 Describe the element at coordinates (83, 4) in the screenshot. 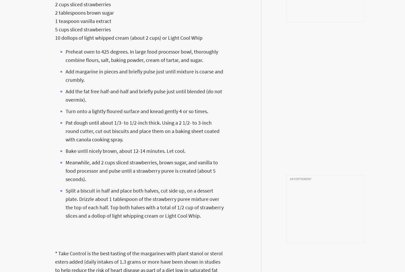

I see `'2 cups sliced strawberries'` at that location.